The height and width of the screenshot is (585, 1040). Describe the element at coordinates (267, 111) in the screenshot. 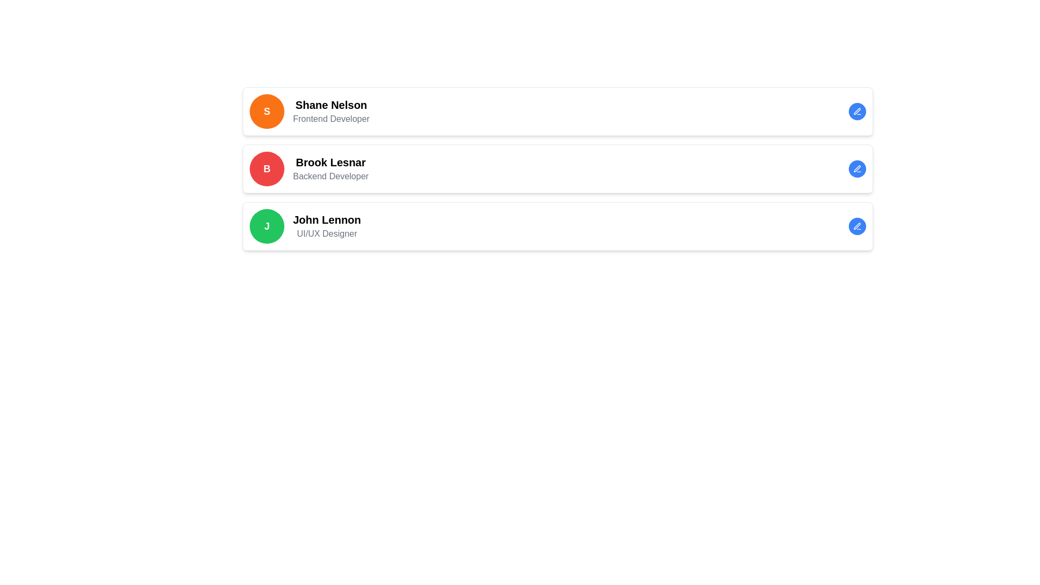

I see `the Avatar/Icon representing Shane Nelson` at that location.